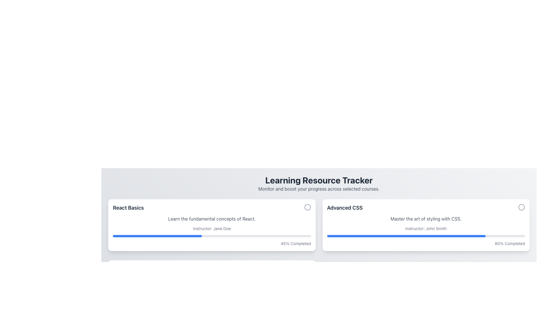  I want to click on the circular SVG graphic with a green stroke located below the main content area, indicating a confirmation or success visual cue, so click(307, 268).